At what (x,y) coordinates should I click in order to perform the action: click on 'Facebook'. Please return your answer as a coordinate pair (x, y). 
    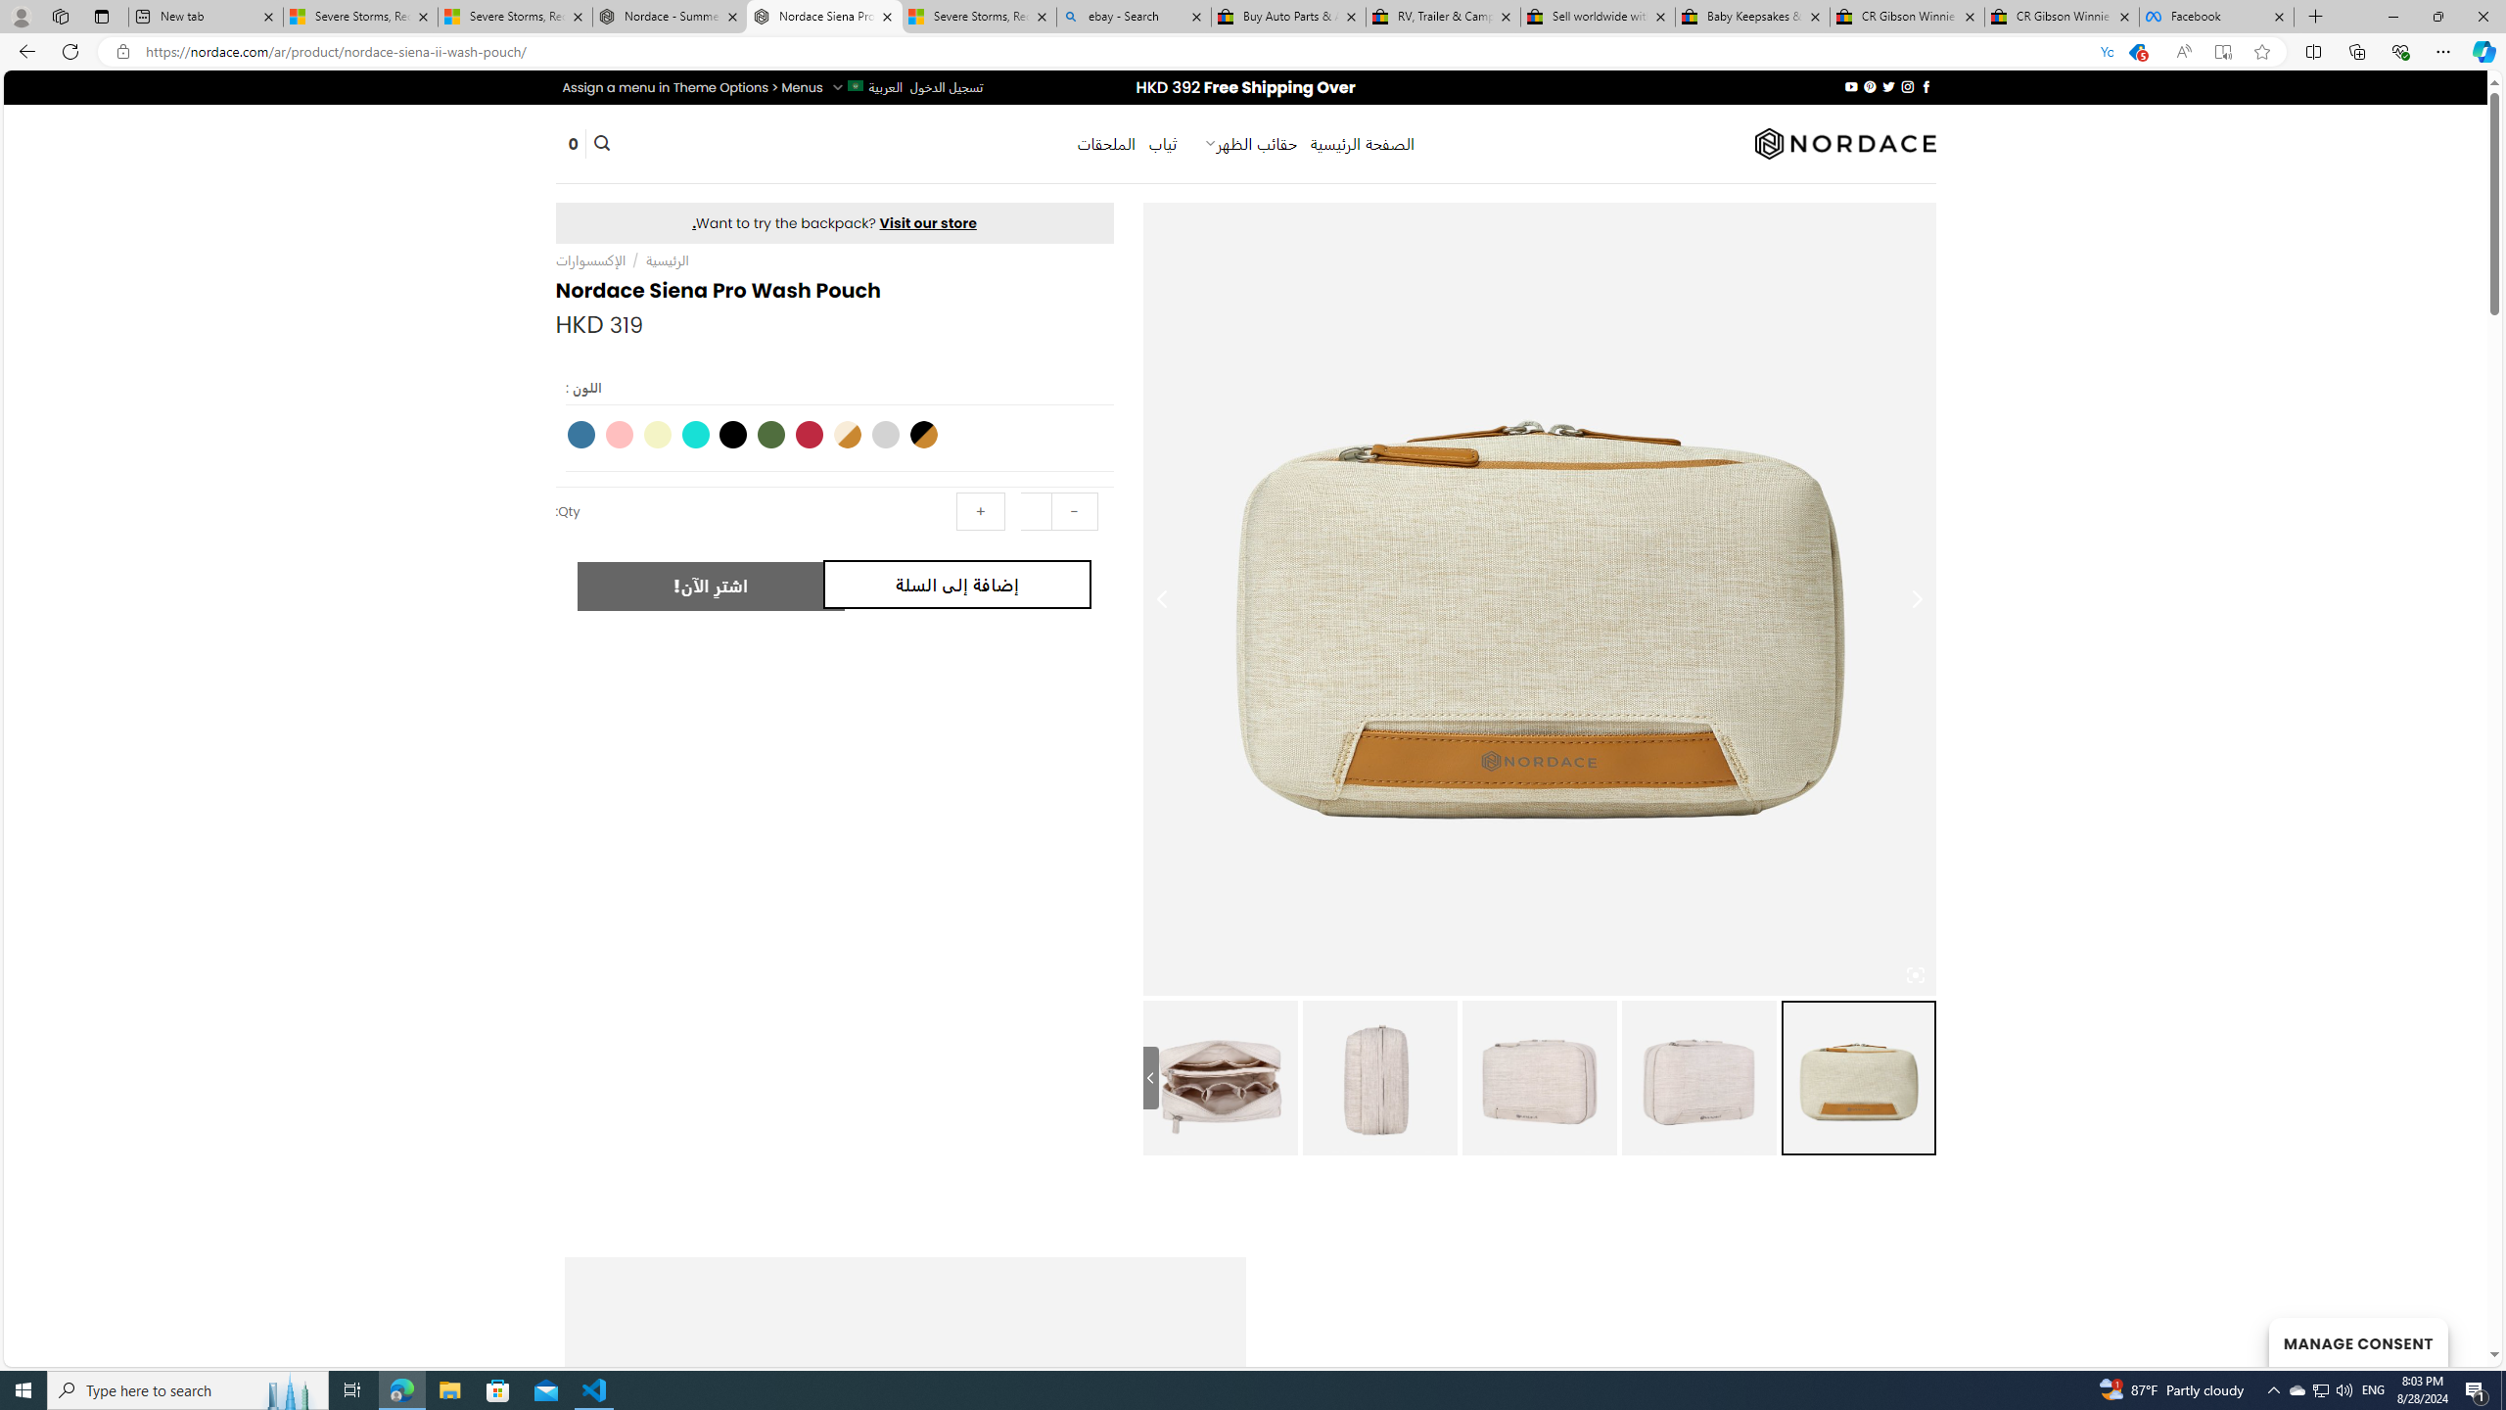
    Looking at the image, I should click on (2215, 16).